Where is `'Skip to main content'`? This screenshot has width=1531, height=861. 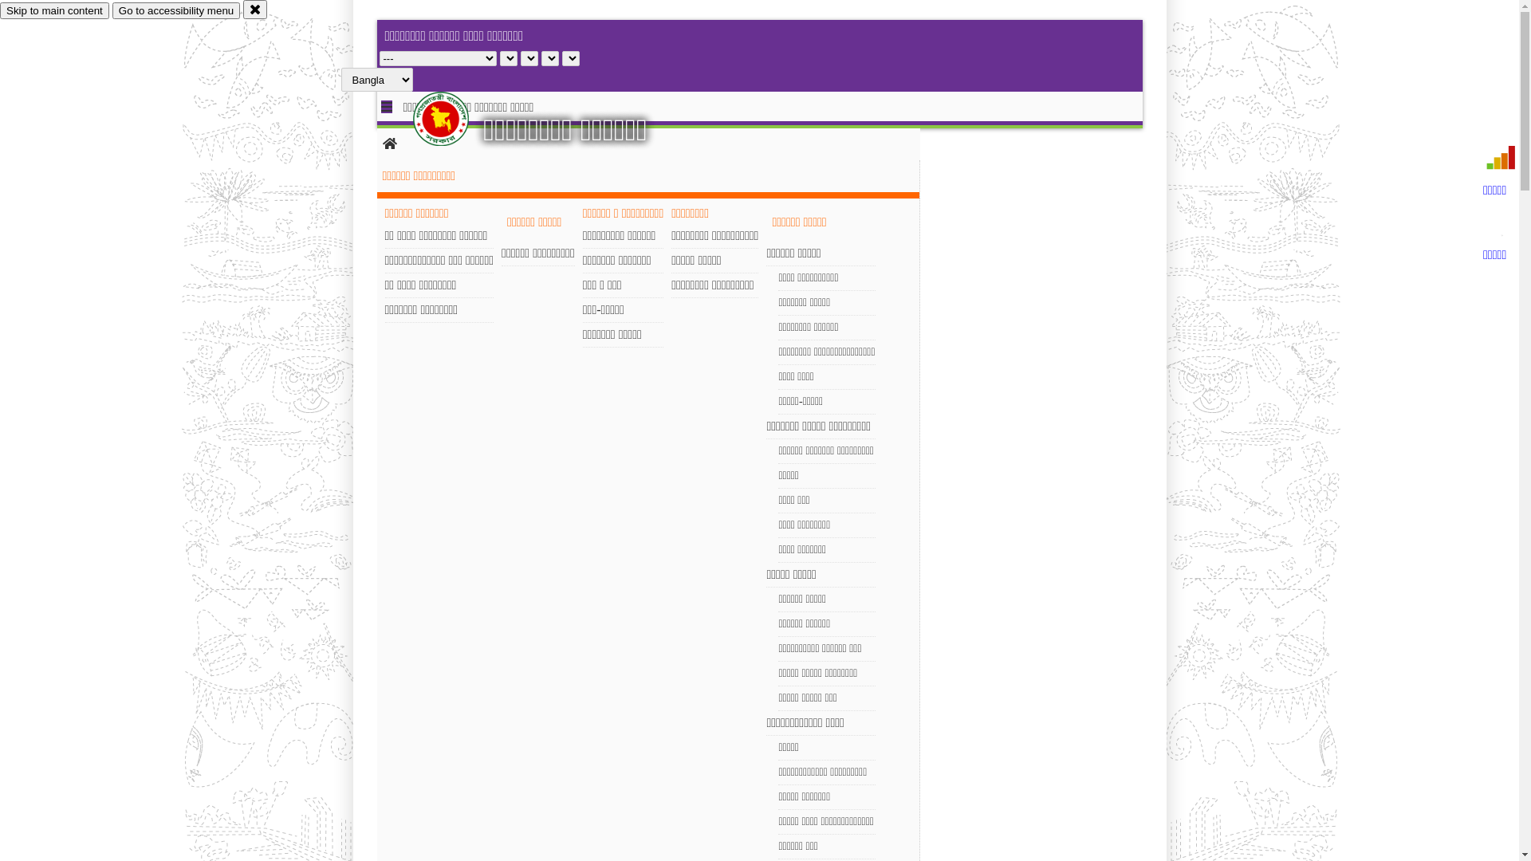 'Skip to main content' is located at coordinates (54, 10).